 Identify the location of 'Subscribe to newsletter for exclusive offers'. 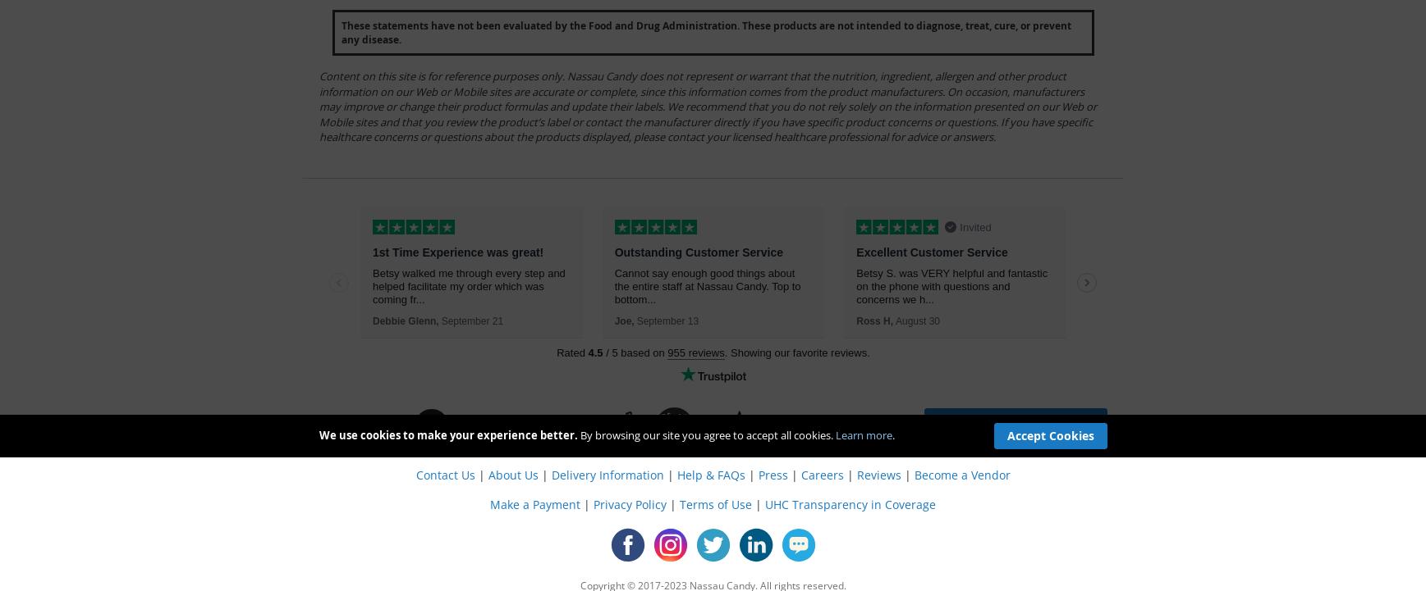
(1015, 427).